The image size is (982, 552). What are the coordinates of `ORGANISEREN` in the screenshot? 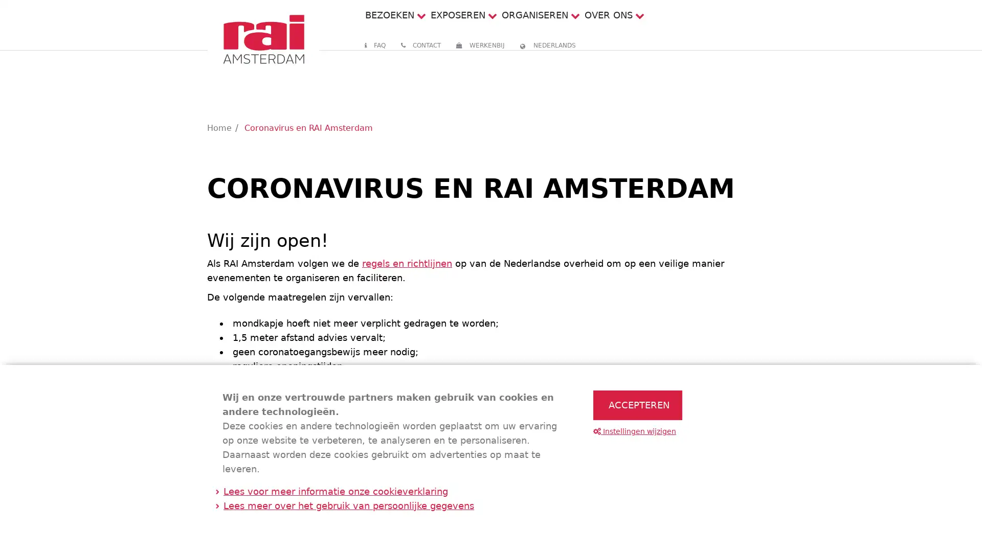 It's located at (534, 15).